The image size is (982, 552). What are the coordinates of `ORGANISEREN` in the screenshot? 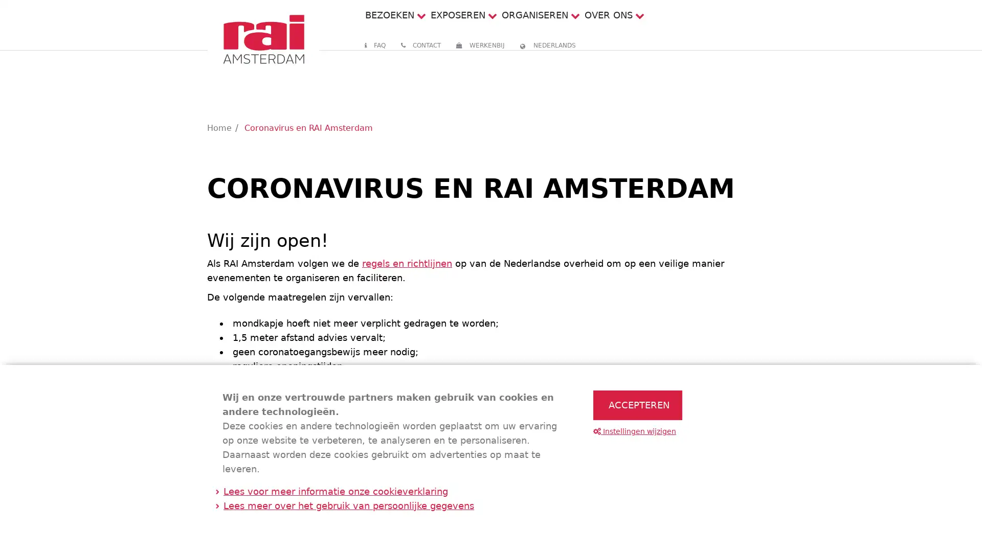 It's located at (534, 15).